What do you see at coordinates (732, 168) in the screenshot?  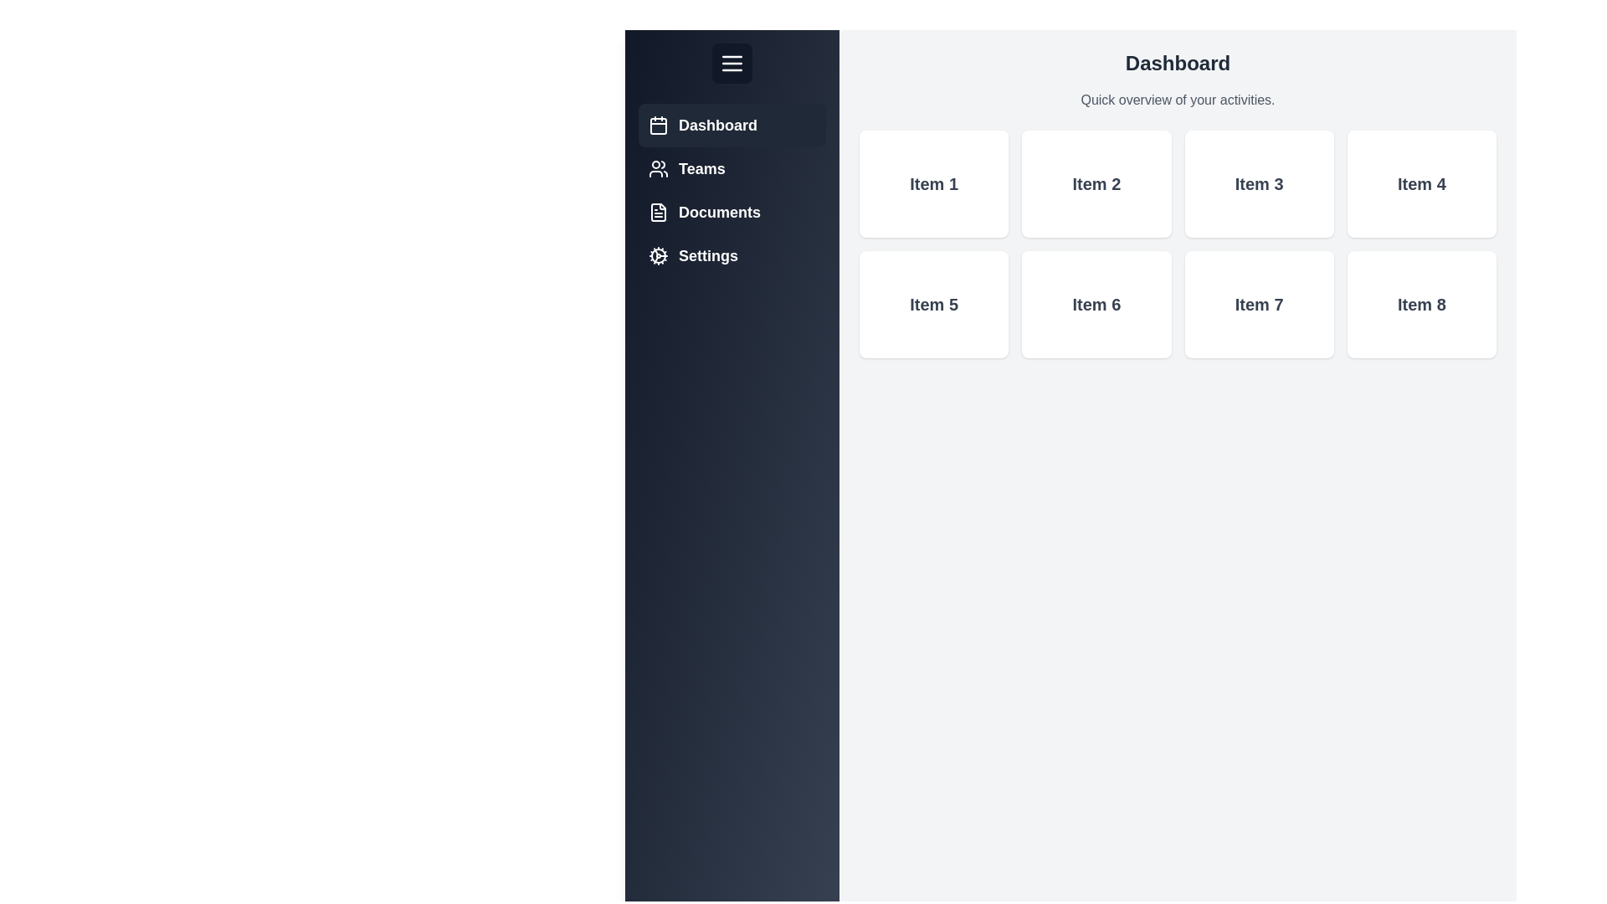 I see `the Teams tab from the sidebar menu` at bounding box center [732, 168].